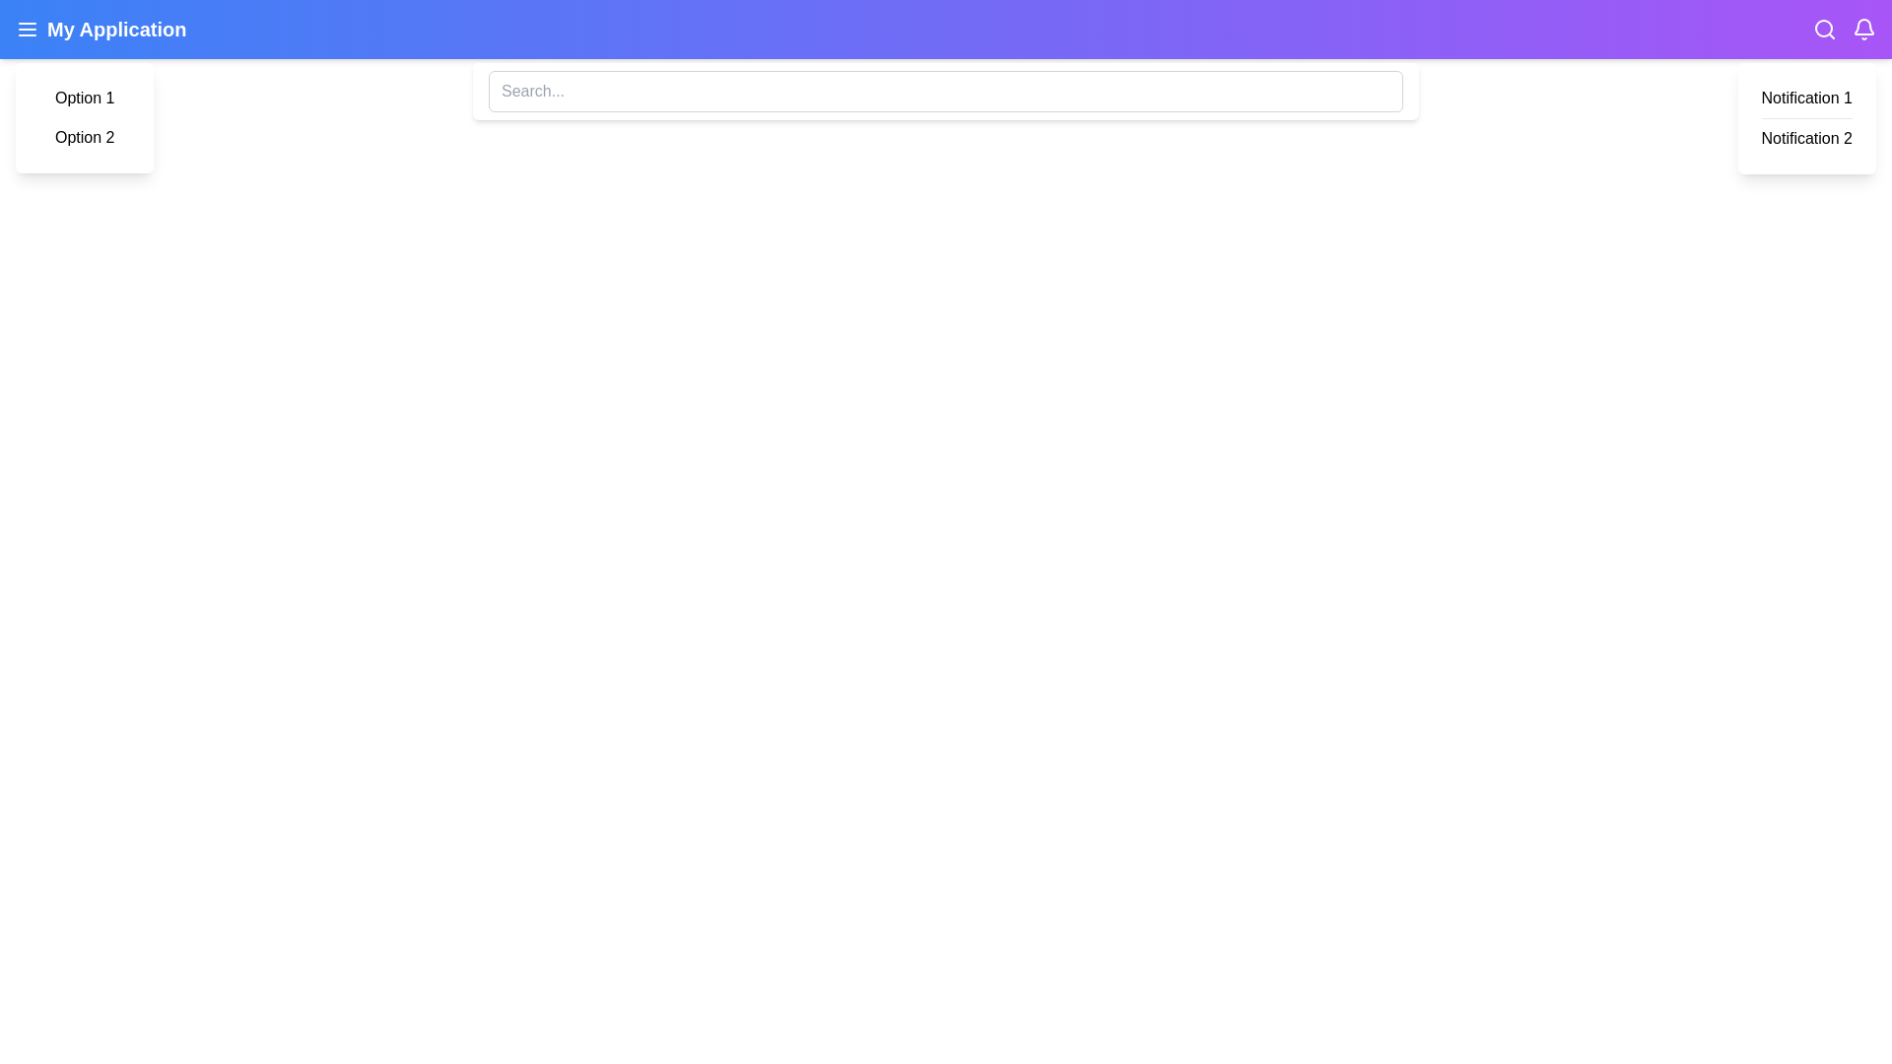 Image resolution: width=1892 pixels, height=1064 pixels. I want to click on the second button in the vertical menu stack under the blue header labeled 'My Application', so click(84, 136).